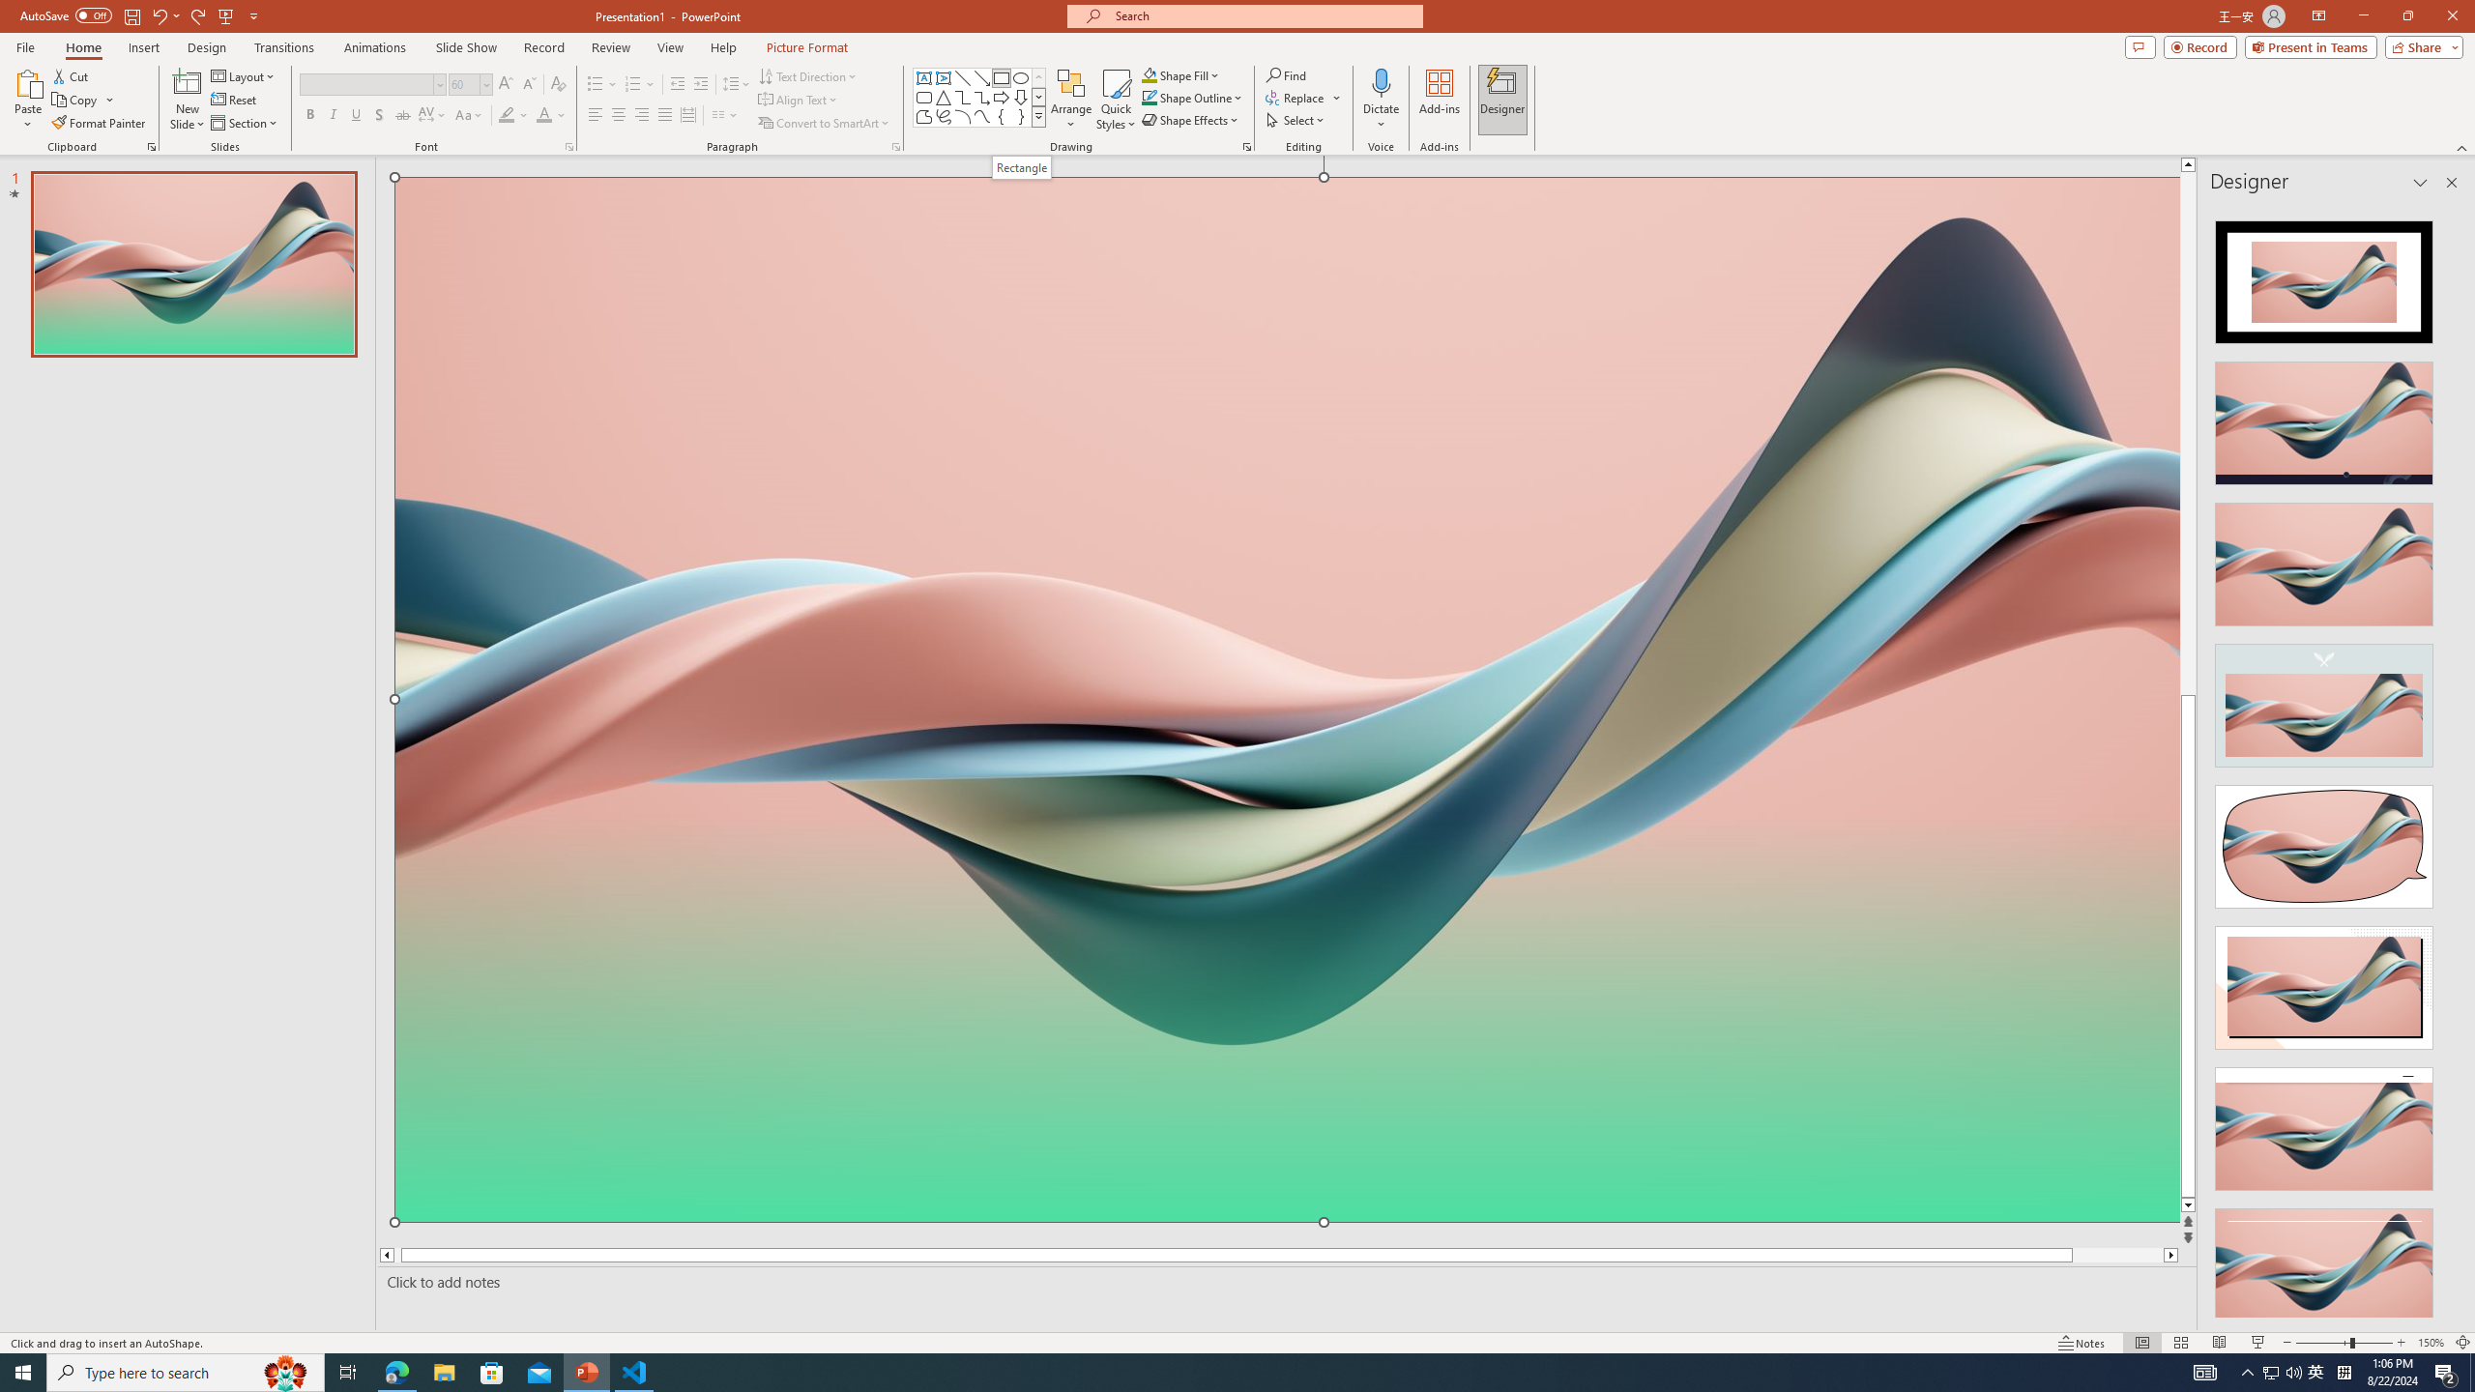  Describe the element at coordinates (2322, 275) in the screenshot. I see `'Recommended Design: Design Idea'` at that location.